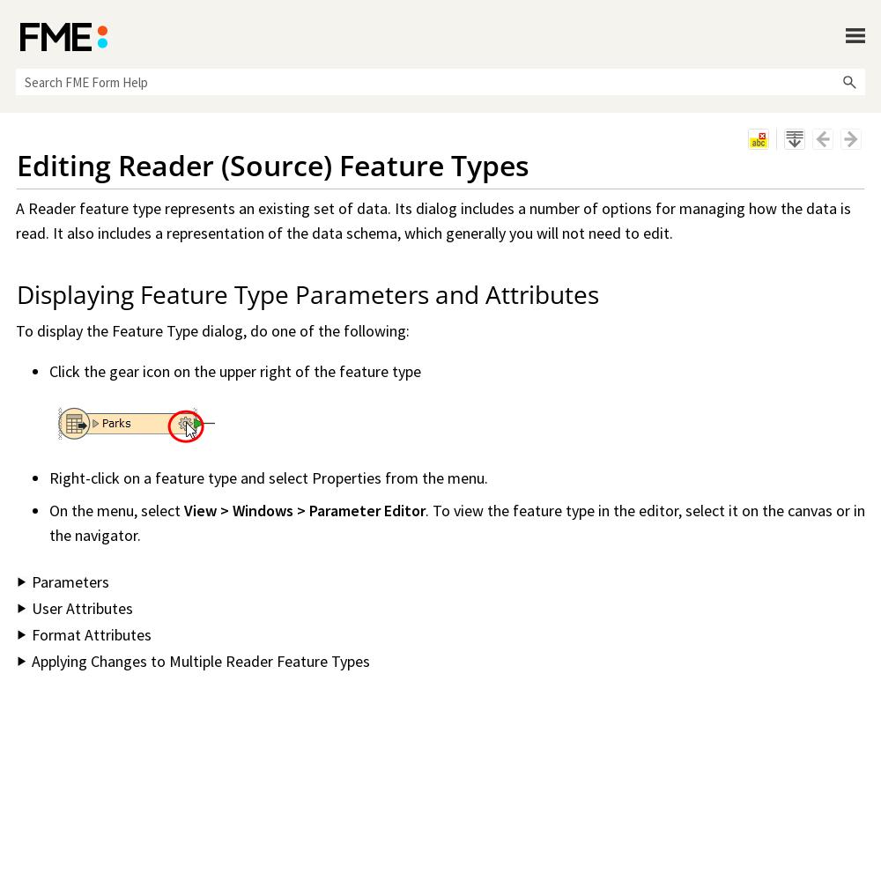 The height and width of the screenshot is (881, 881). What do you see at coordinates (273, 165) in the screenshot?
I see `'Editing Reader (Source) Feature Types'` at bounding box center [273, 165].